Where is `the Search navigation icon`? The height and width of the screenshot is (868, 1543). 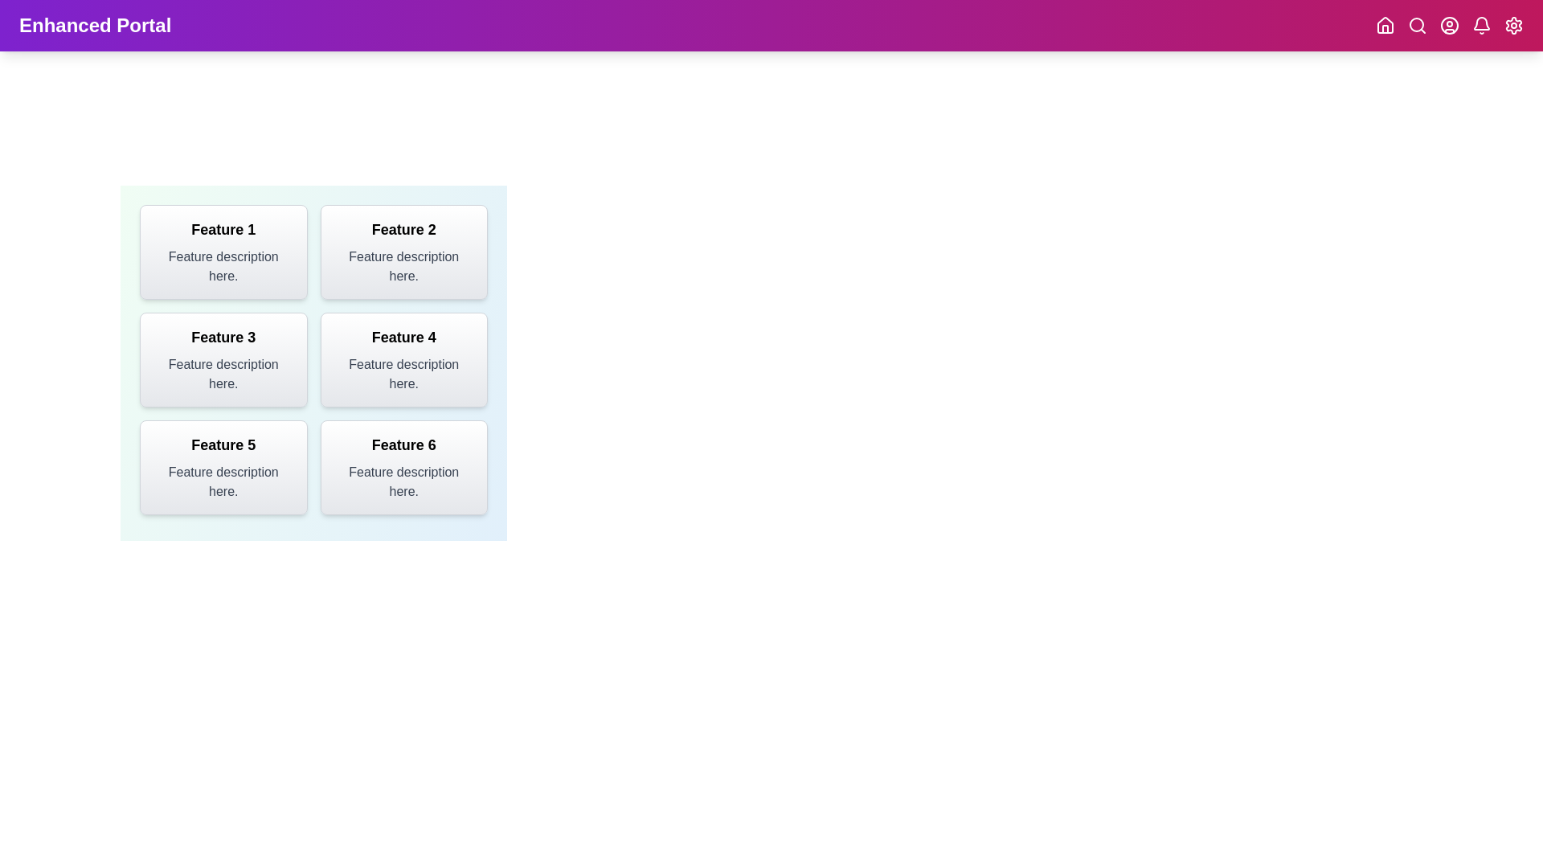
the Search navigation icon is located at coordinates (1417, 25).